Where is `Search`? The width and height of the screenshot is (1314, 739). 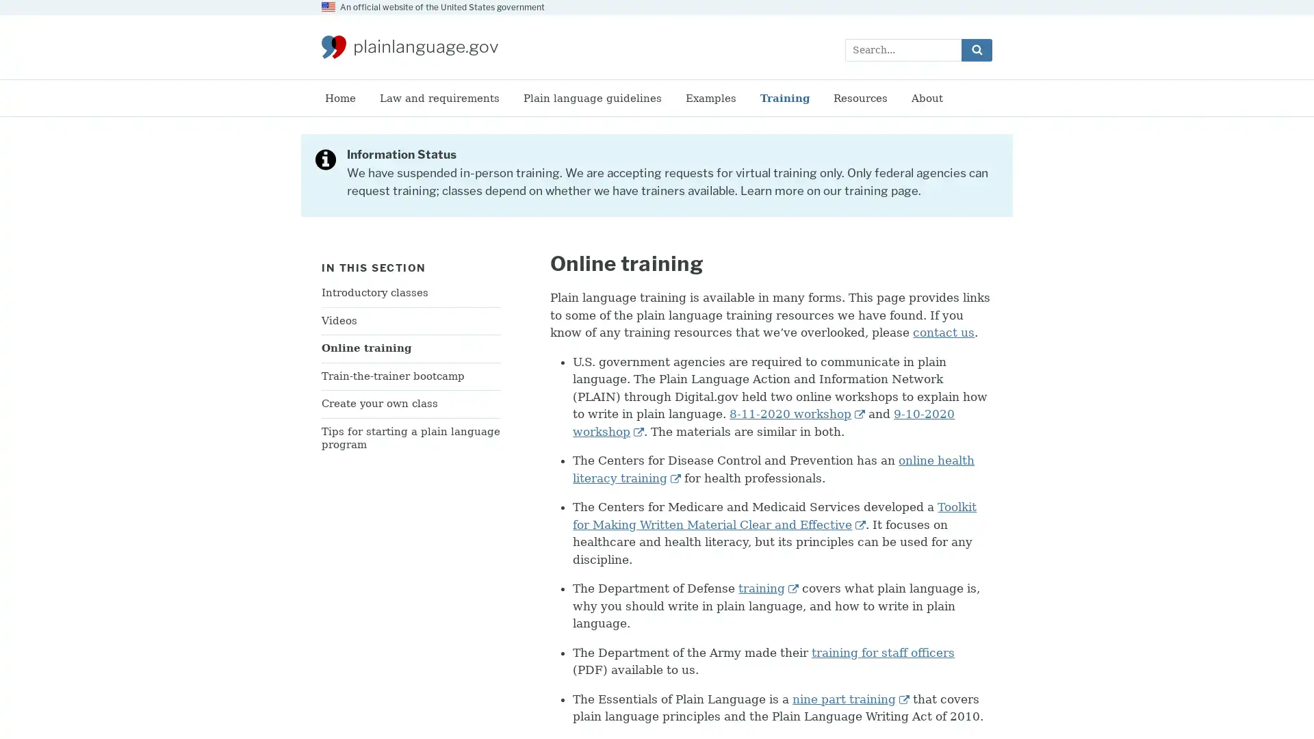 Search is located at coordinates (976, 49).